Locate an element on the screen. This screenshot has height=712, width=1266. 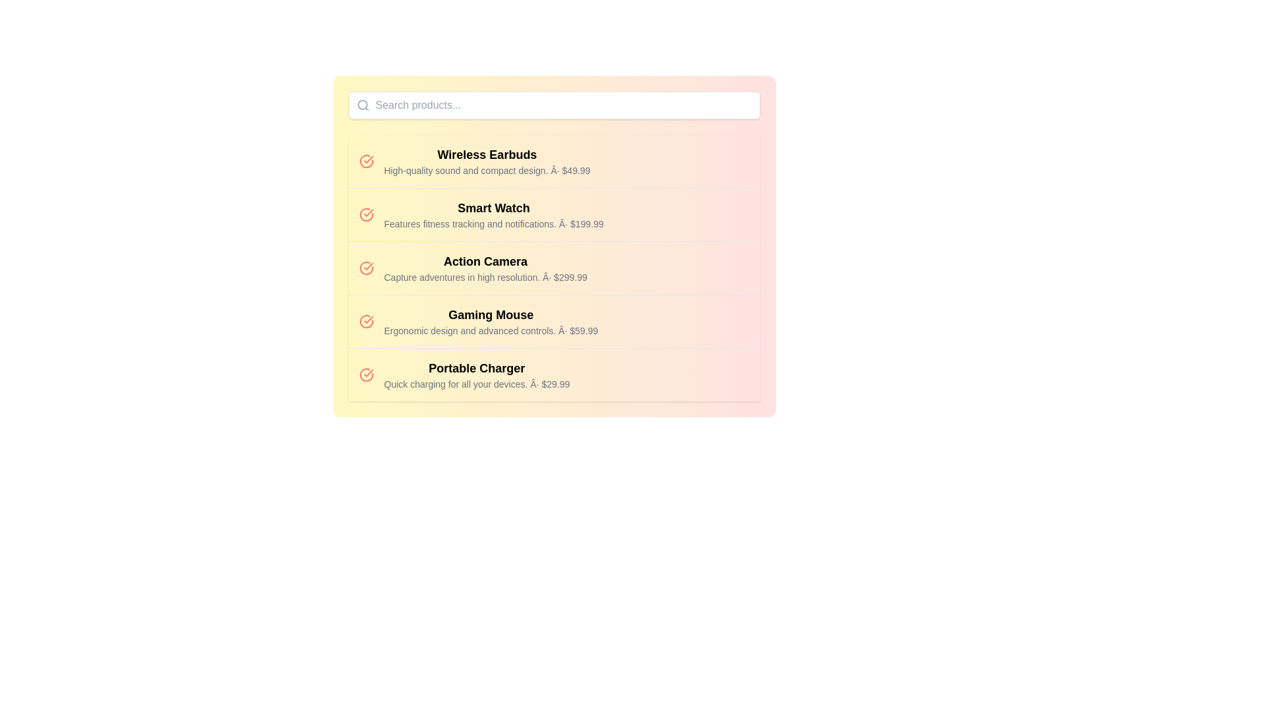
the fourth list item in the product list, which contains the product name 'Gaming Mouse', brief description, and price, positioned between 'Action Camera' and 'Portable Charger' is located at coordinates (554, 321).